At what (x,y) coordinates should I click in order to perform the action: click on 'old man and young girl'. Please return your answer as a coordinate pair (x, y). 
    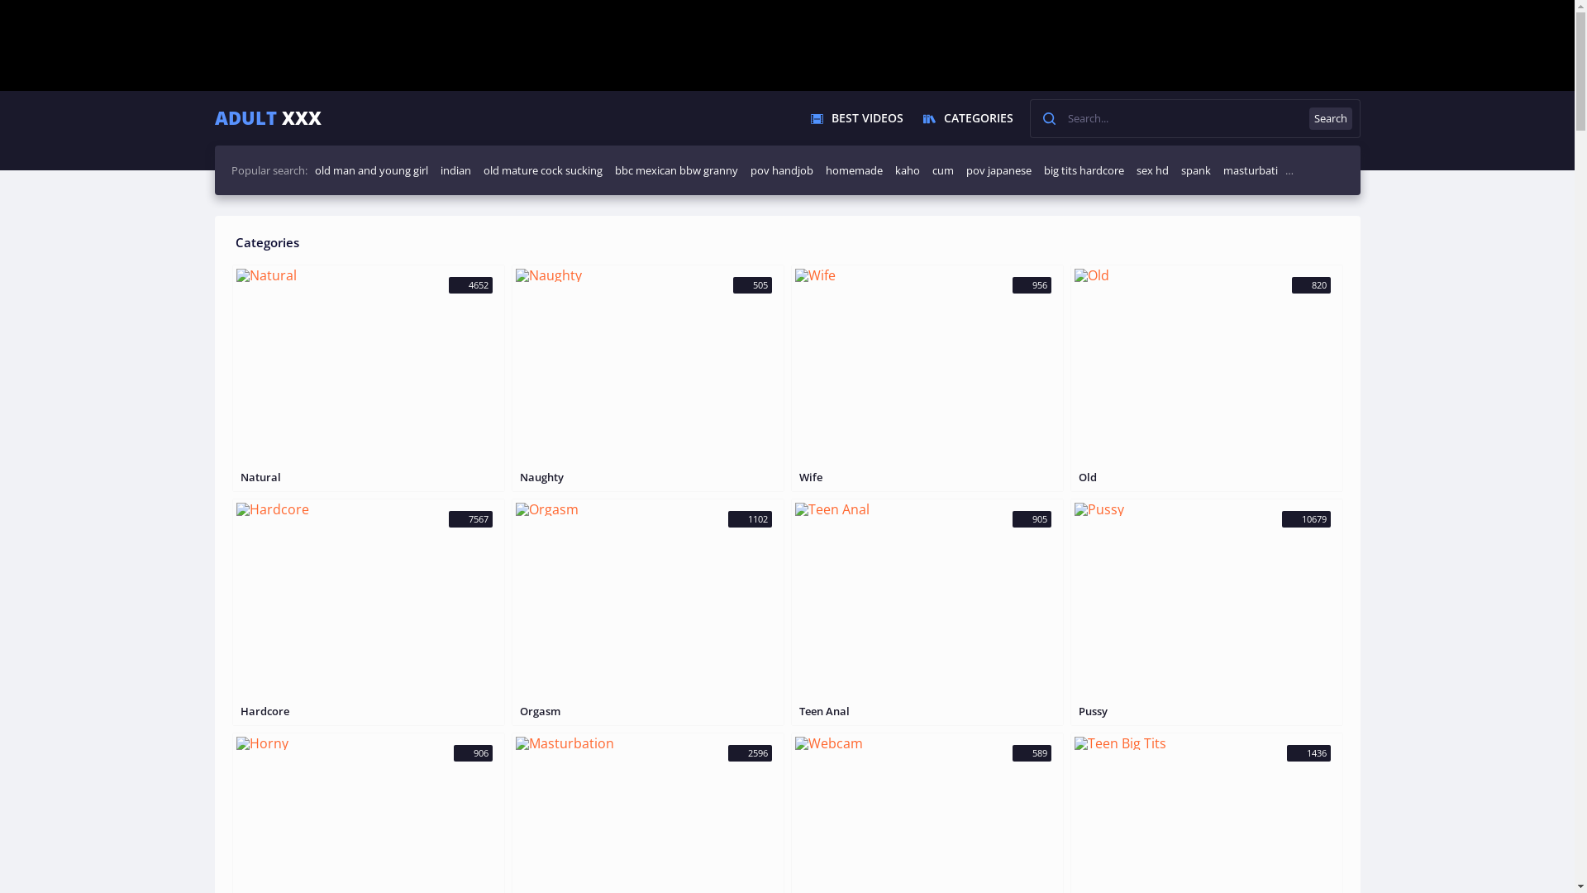
    Looking at the image, I should click on (313, 170).